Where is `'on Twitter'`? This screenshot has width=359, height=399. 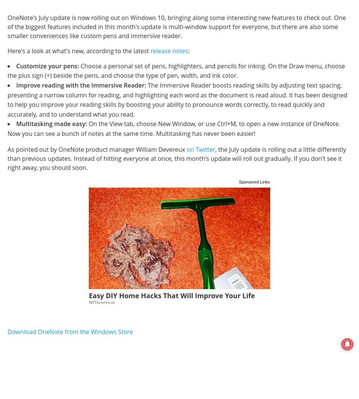 'on Twitter' is located at coordinates (201, 149).